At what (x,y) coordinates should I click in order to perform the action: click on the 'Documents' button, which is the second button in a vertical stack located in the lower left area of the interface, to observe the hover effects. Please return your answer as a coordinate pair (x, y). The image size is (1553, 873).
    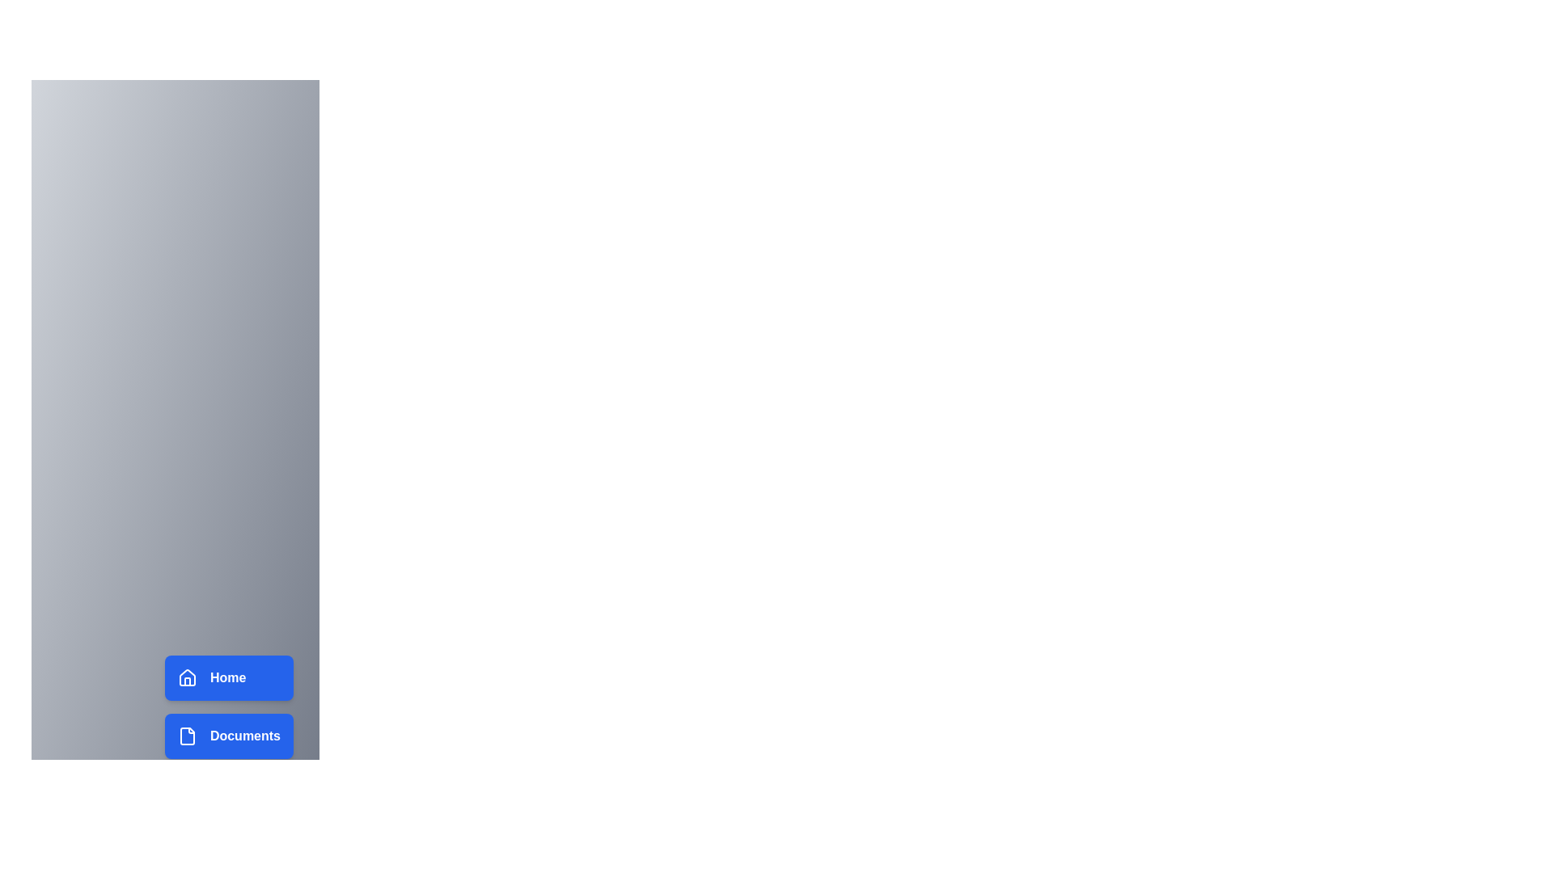
    Looking at the image, I should click on (228, 736).